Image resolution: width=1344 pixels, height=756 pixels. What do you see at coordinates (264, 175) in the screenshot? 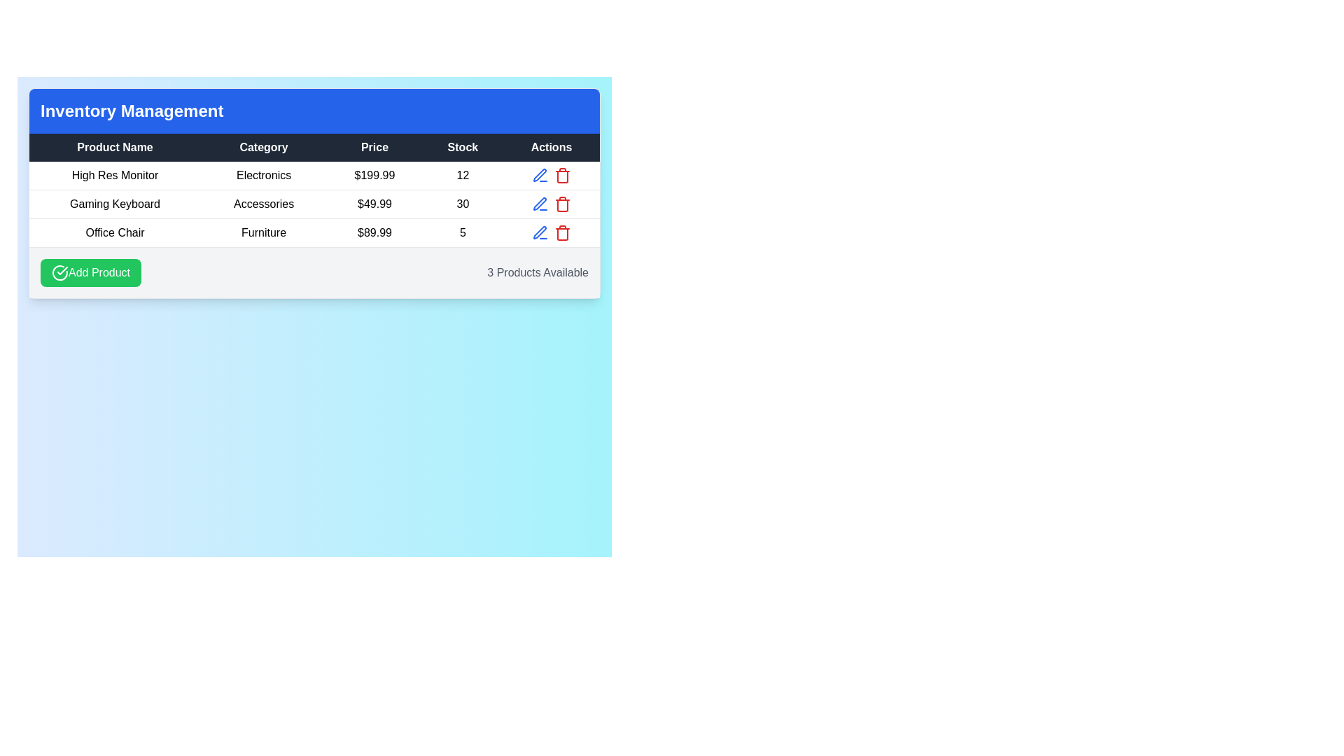
I see `the 'Category' label for 'High Res Monitor' located in the second column of the table` at bounding box center [264, 175].